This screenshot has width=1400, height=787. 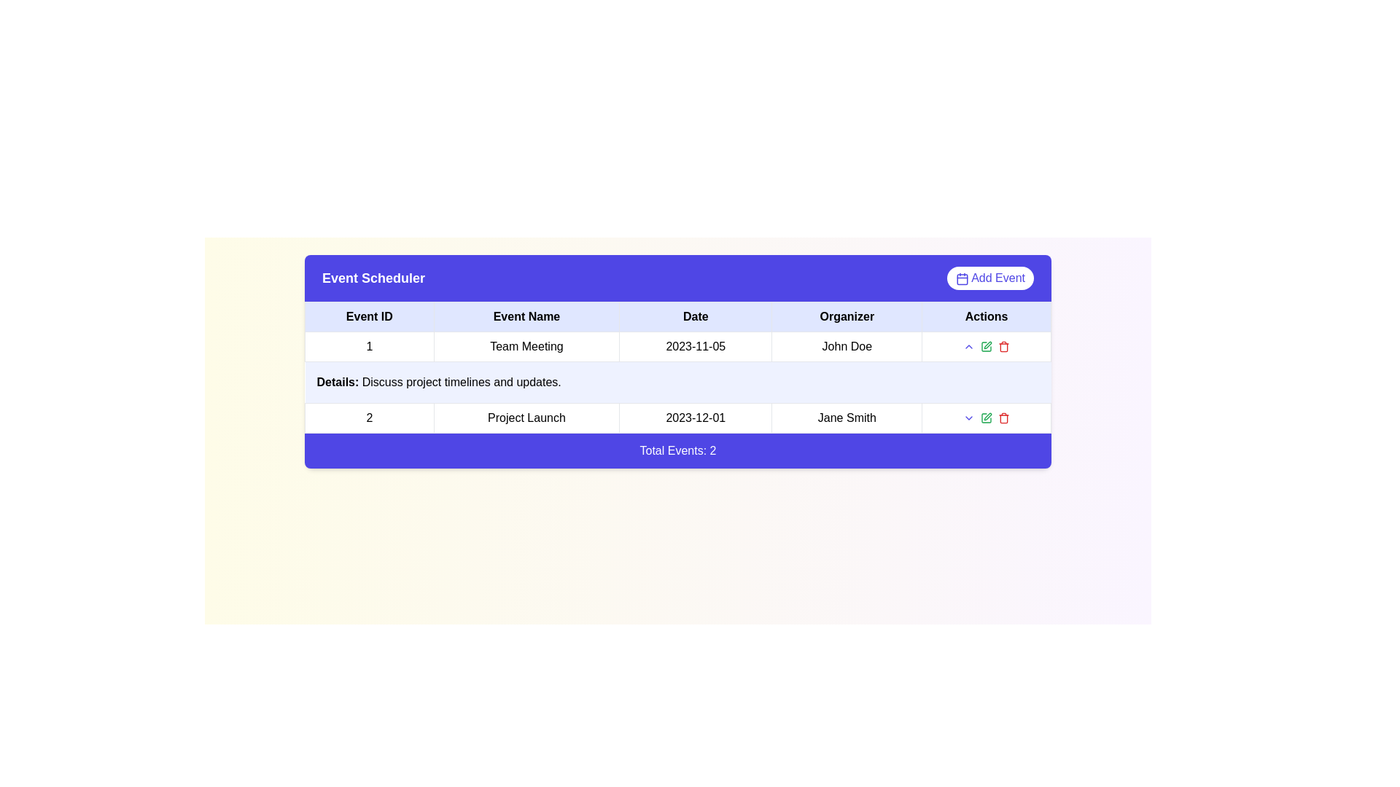 What do you see at coordinates (526, 418) in the screenshot?
I see `the Text Label for the event 'Project Launch', located in the second row of the 'Event Scheduler' table under the 'Event Name' column` at bounding box center [526, 418].